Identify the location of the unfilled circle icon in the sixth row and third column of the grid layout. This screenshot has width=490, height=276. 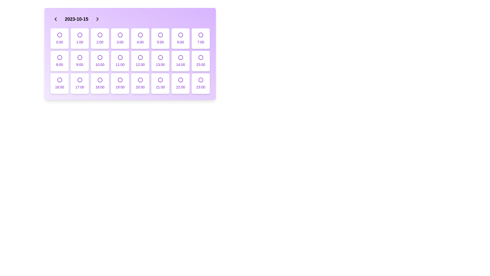
(180, 80).